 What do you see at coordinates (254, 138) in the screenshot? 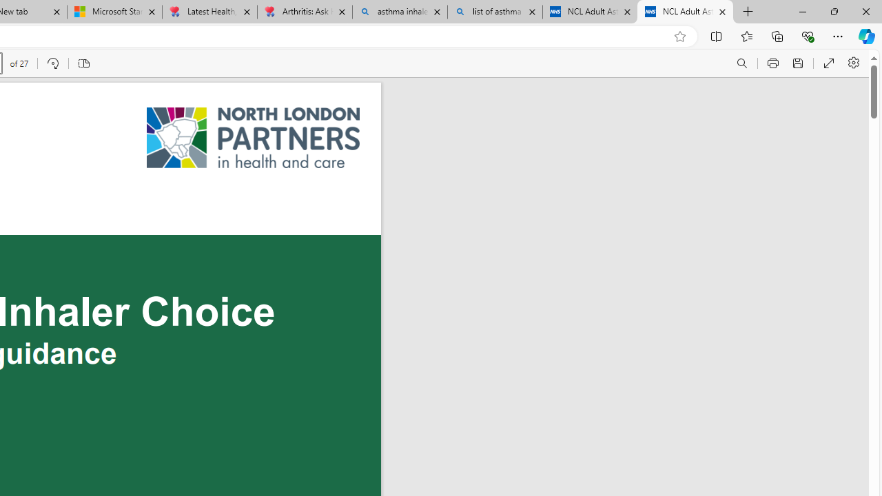
I see `'Unlabeled graphic'` at bounding box center [254, 138].